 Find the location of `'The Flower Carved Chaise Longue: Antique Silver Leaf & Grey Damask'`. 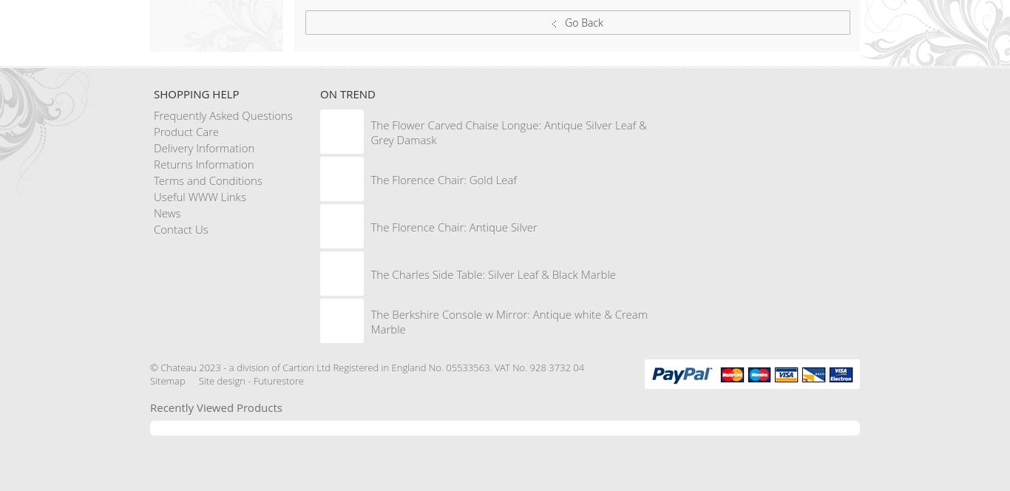

'The Flower Carved Chaise Longue: Antique Silver Leaf & Grey Damask' is located at coordinates (370, 132).